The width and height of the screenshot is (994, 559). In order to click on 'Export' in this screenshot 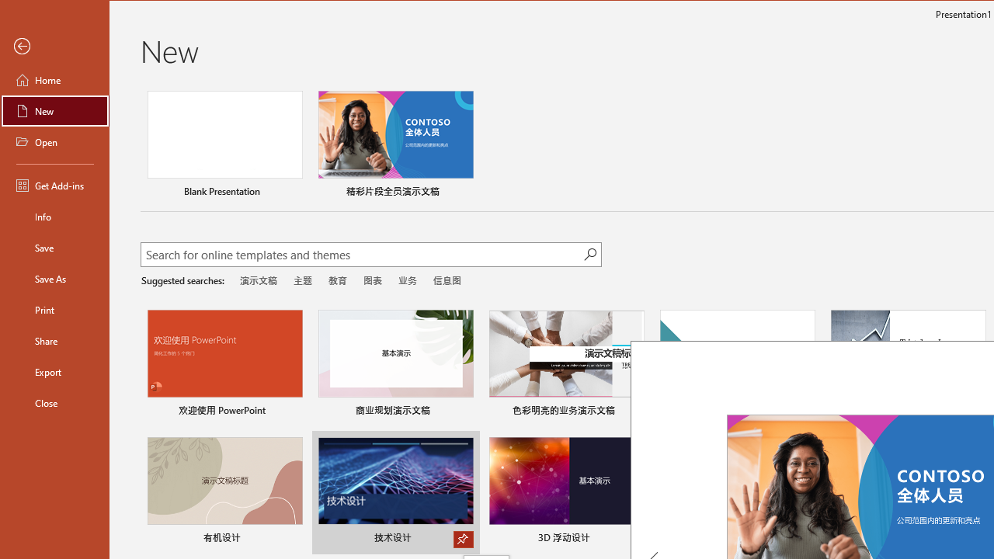, I will do `click(55, 372)`.